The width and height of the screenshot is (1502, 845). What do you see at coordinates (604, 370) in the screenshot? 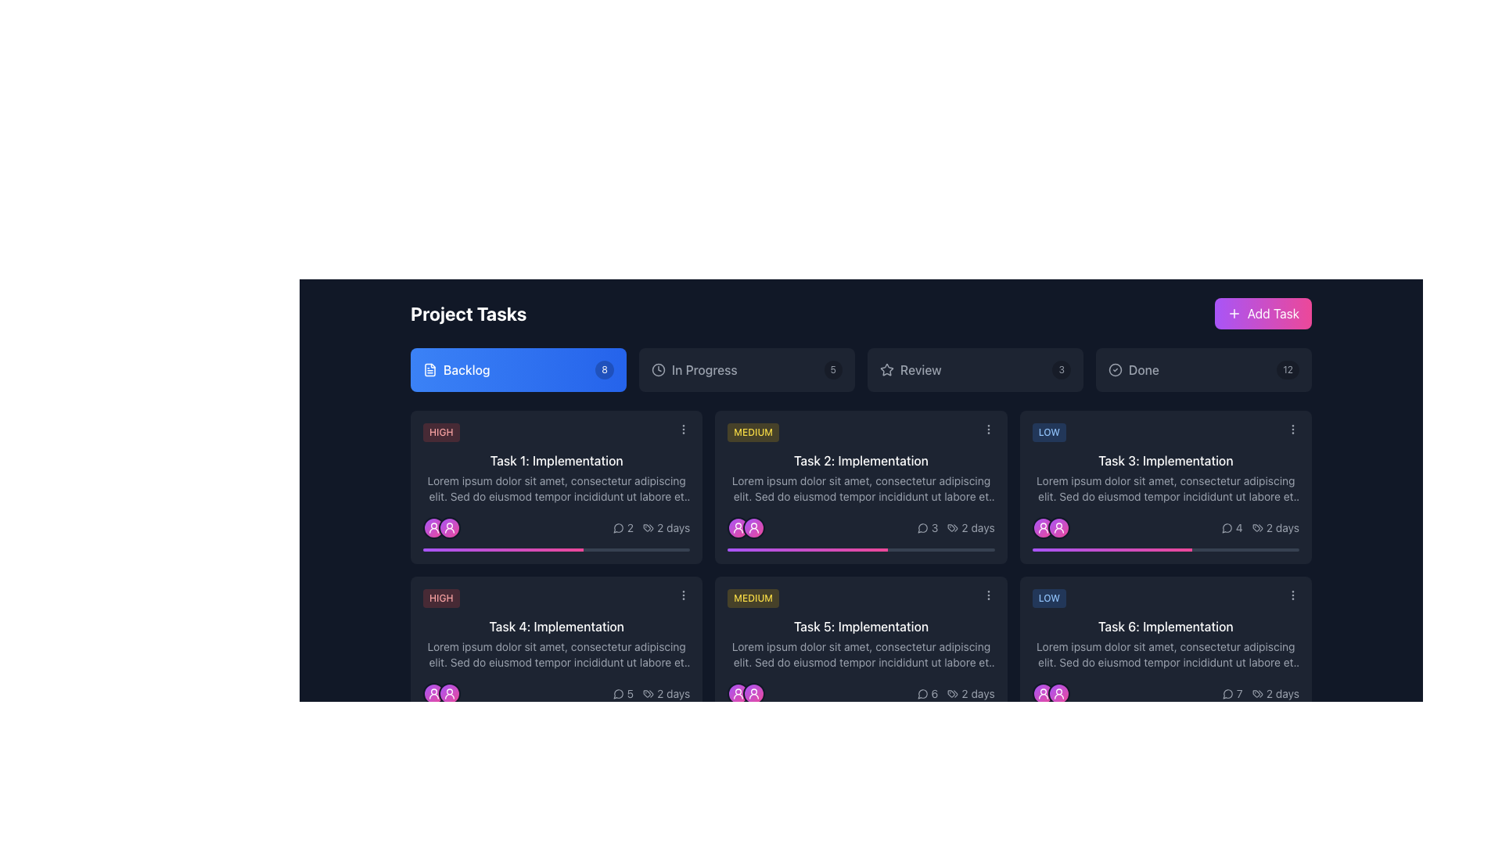
I see `the displayed number '8' in the circular badge located to the right of the 'Backlog' text label` at bounding box center [604, 370].